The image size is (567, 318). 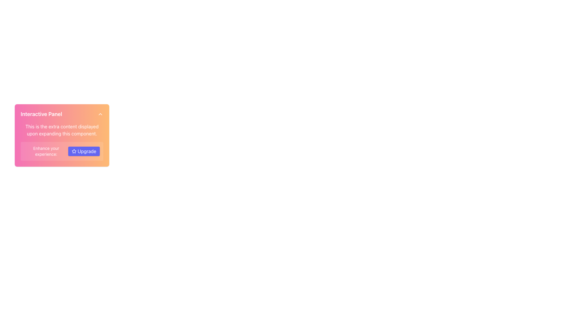 What do you see at coordinates (74, 151) in the screenshot?
I see `the star icon with a blue outline and white inner fill located in the bottom right corner of the interactive panel` at bounding box center [74, 151].